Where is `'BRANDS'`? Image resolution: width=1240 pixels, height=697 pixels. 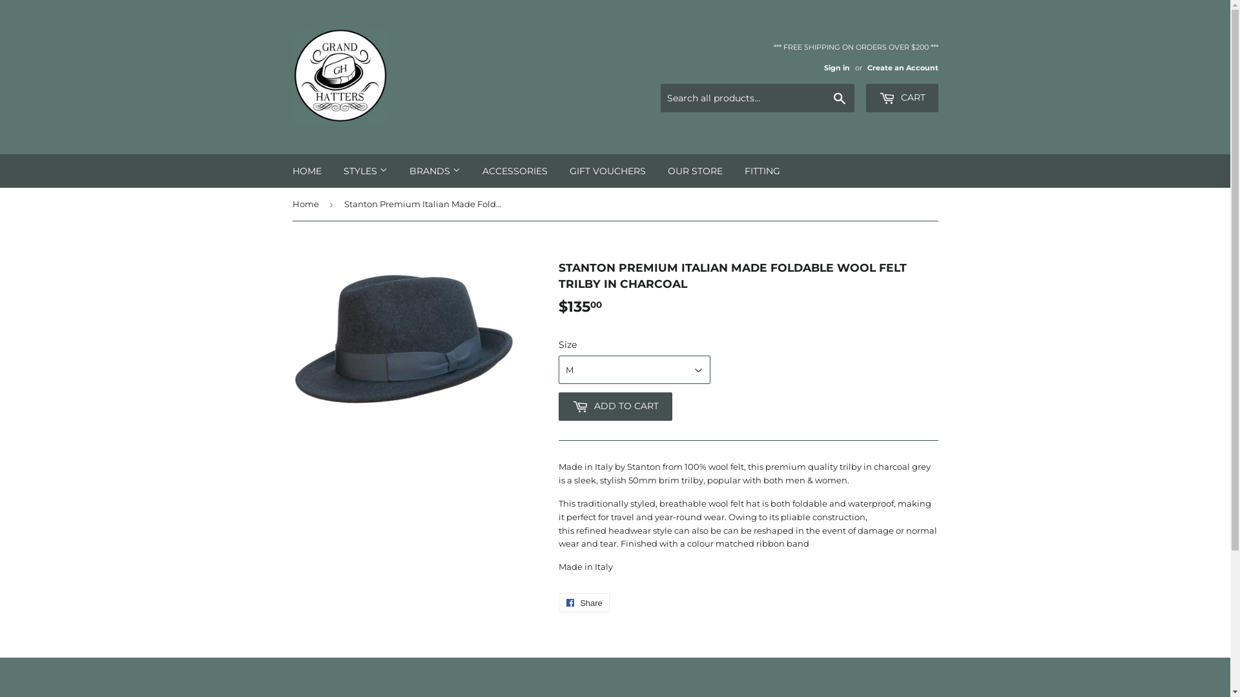 'BRANDS' is located at coordinates (434, 170).